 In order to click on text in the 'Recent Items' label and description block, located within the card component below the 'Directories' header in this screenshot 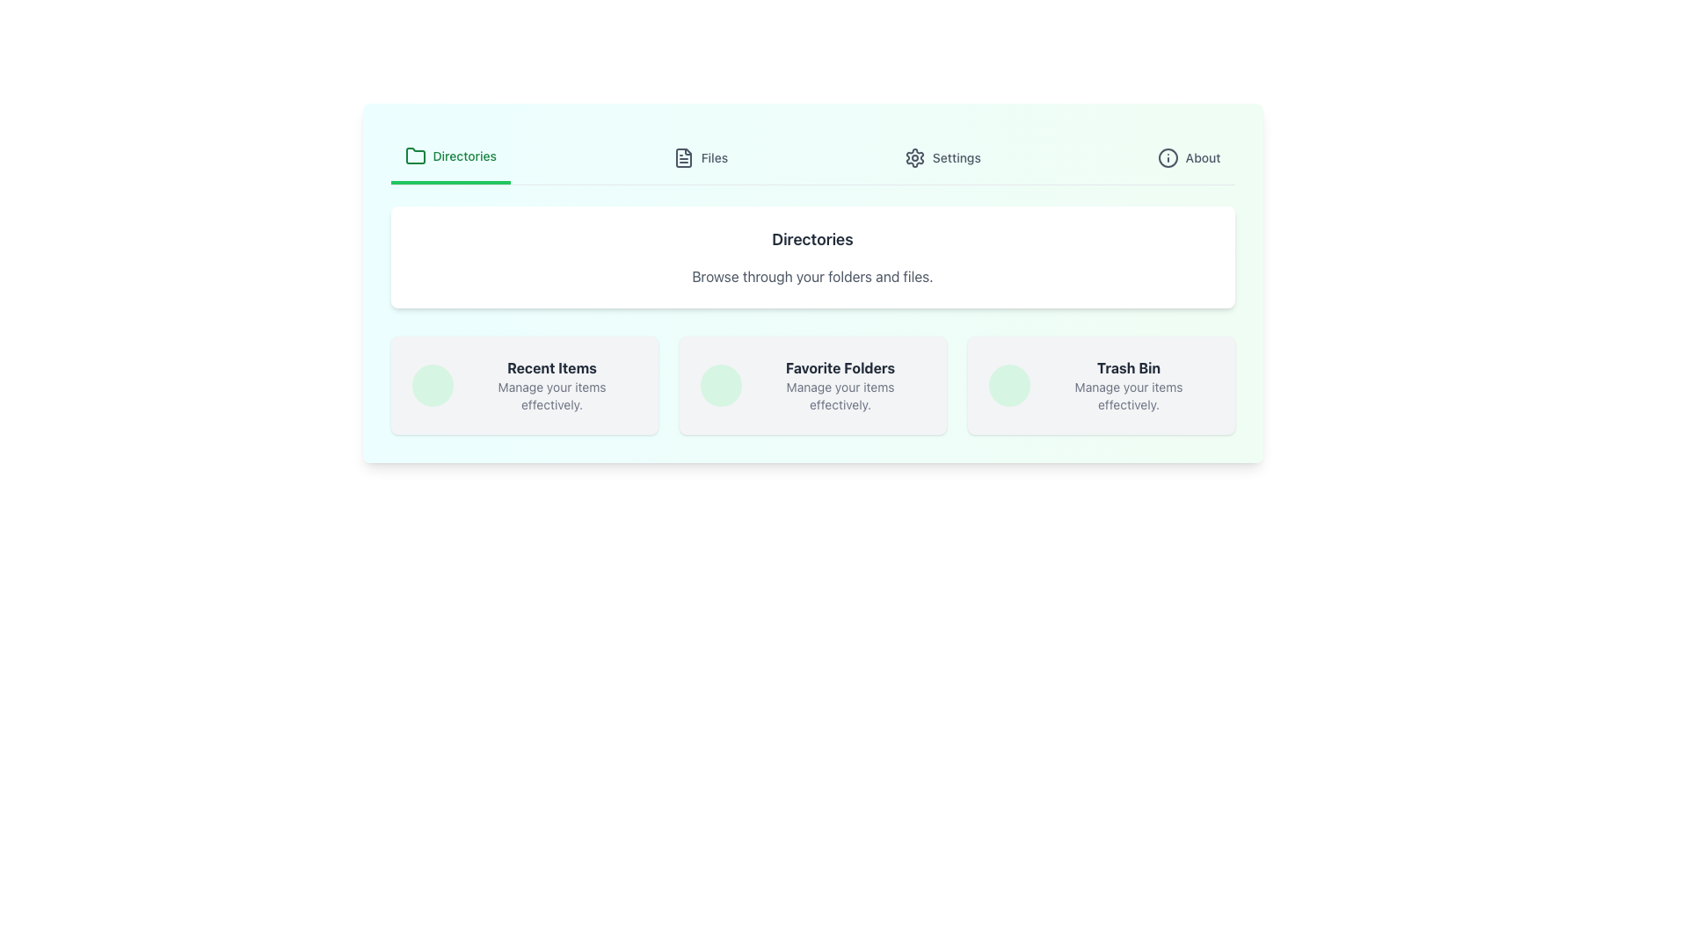, I will do `click(551, 385)`.